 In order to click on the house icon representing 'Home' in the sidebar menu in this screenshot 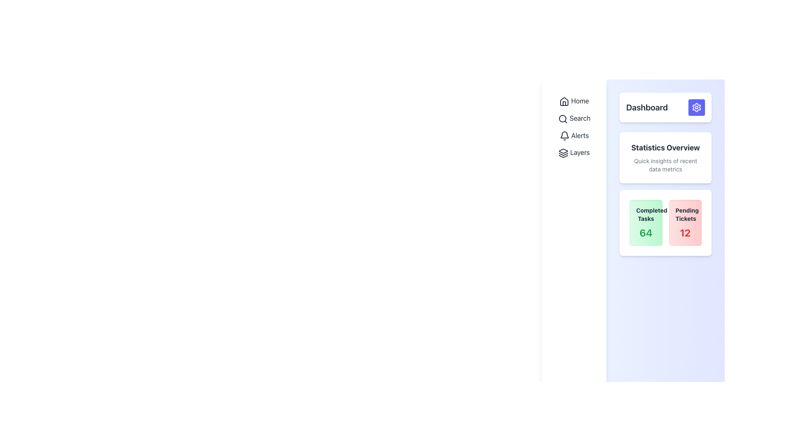, I will do `click(564, 101)`.